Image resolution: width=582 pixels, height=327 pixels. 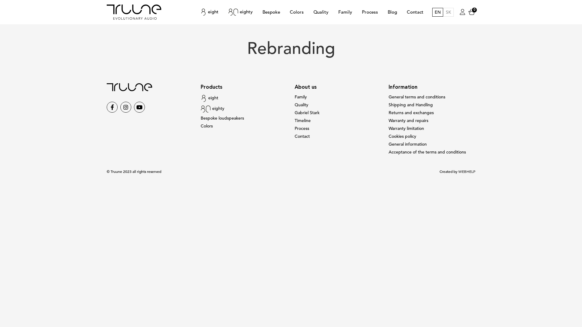 I want to click on 'Acceptance of the terms and conditions', so click(x=427, y=152).